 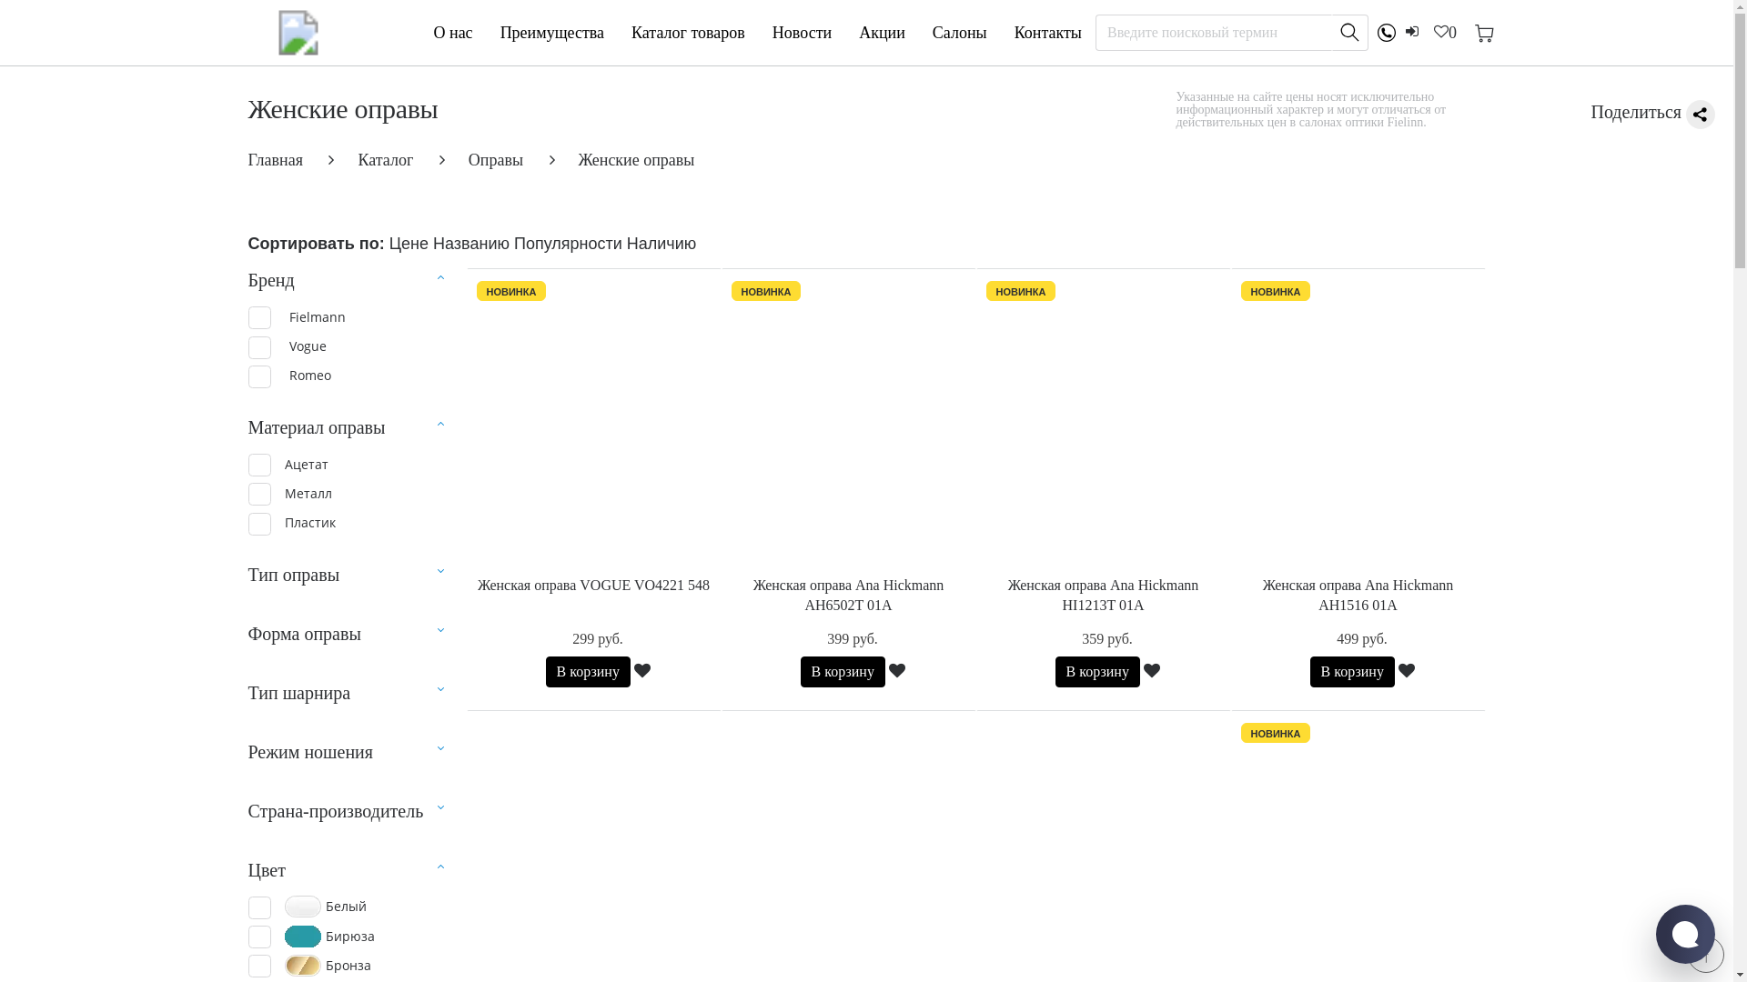 I want to click on 'Y', so click(x=258, y=464).